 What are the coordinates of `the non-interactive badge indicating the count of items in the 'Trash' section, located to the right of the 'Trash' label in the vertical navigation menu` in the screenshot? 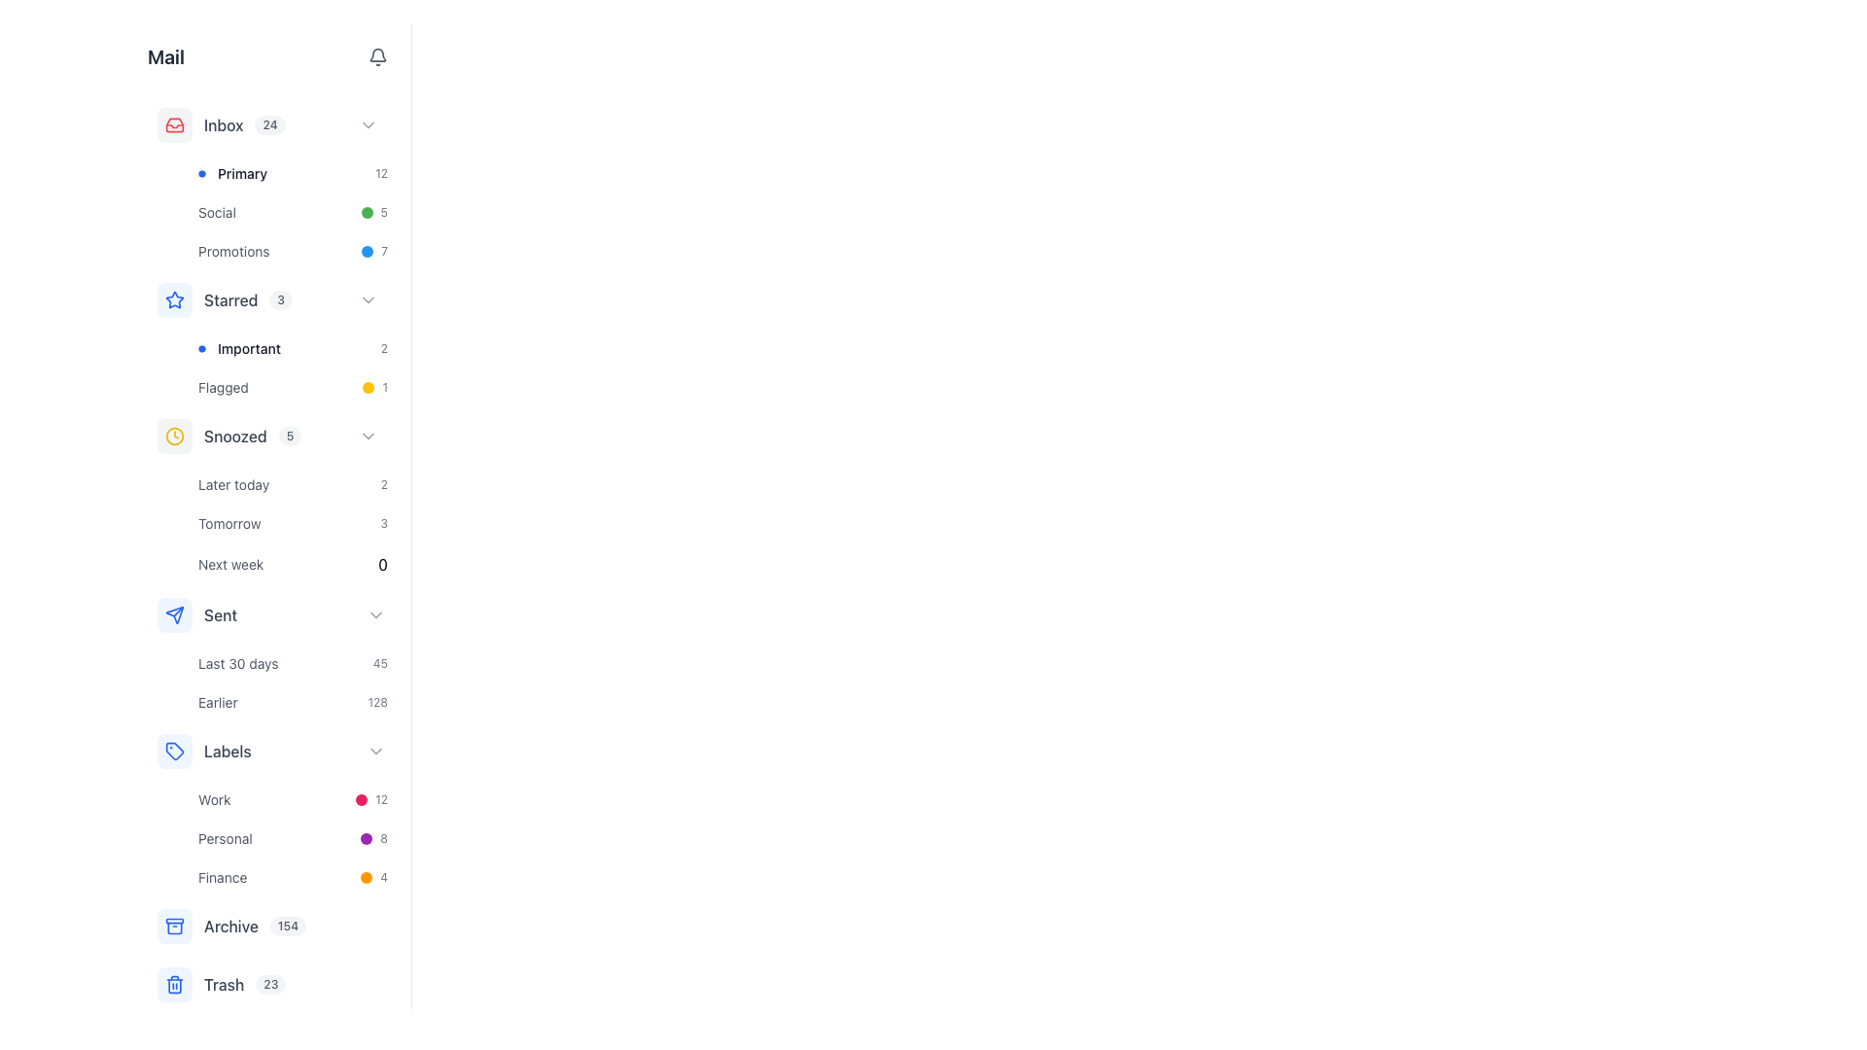 It's located at (269, 985).